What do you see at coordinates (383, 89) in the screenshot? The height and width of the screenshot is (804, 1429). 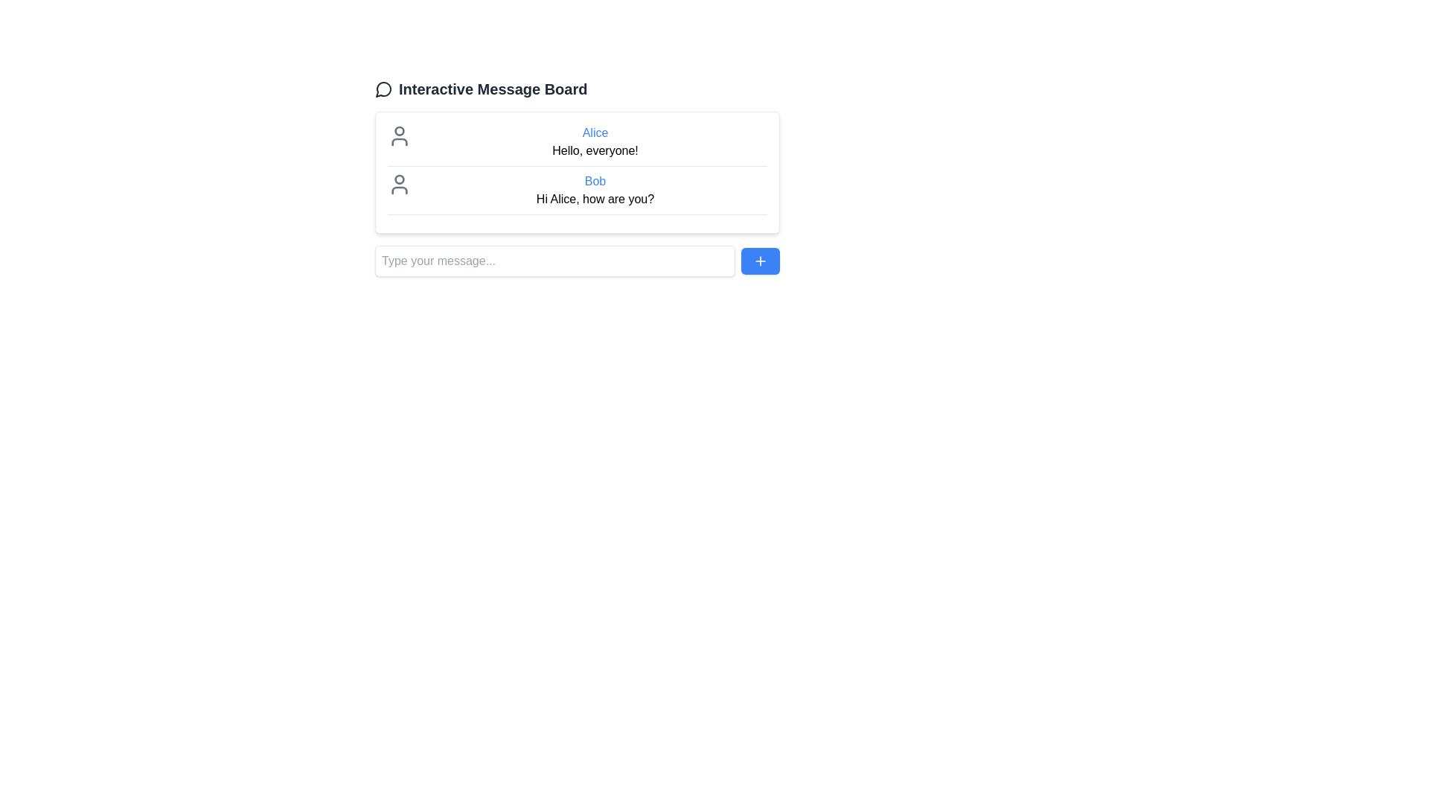 I see `the Decorative icon in the SVG that forms a speech bubble, located next to the 'Interactive Message Board' text in the title bar` at bounding box center [383, 89].